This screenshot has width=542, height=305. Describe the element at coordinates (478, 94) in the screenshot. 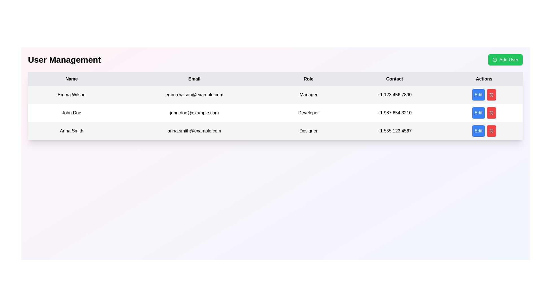

I see `the edit button in the 'Actions' column of the second row associated with 'John Doe' to observe style changes` at that location.